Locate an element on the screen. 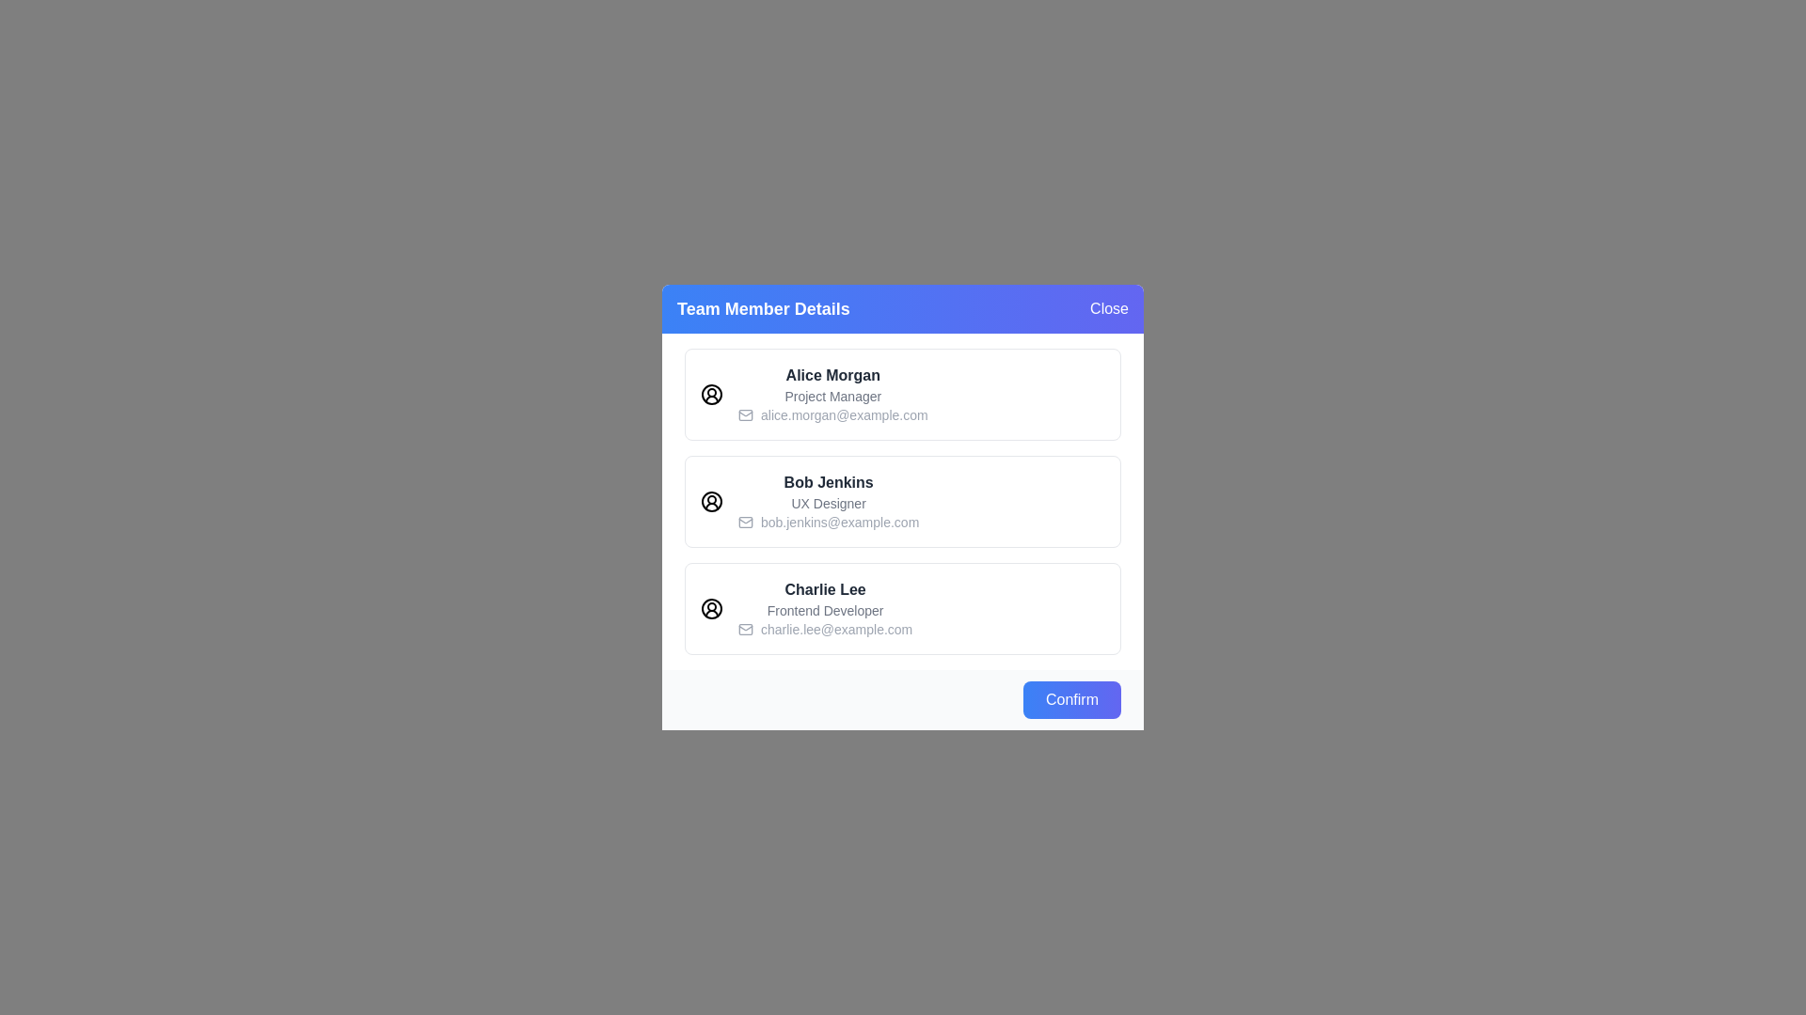 The image size is (1806, 1015). the details on the Information card located in the second position of the vertically aligned UI list, which displays a team member's name, position, and contact information is located at coordinates (903, 500).